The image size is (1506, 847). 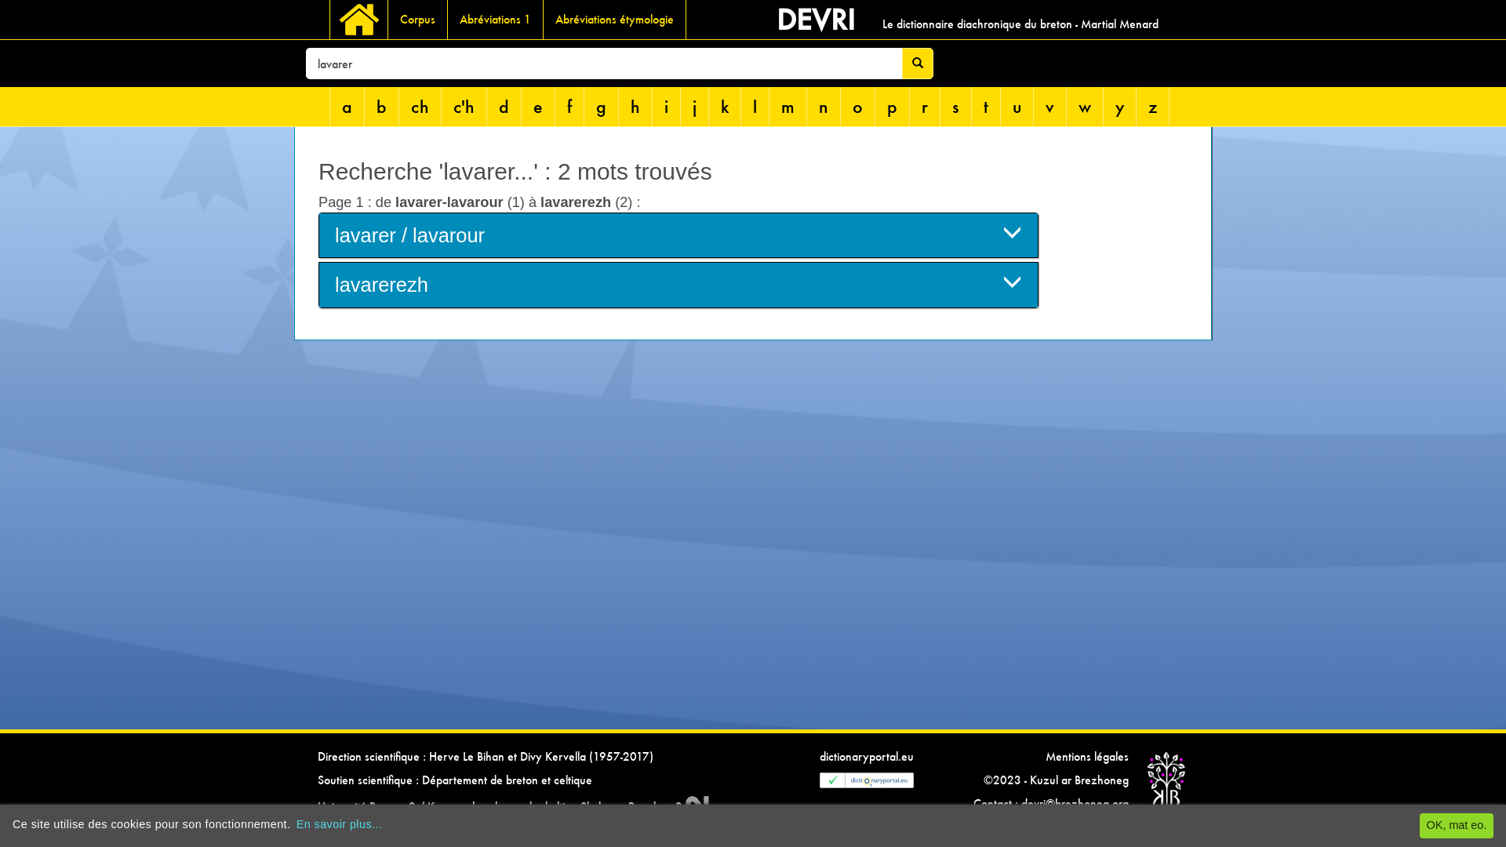 What do you see at coordinates (857, 106) in the screenshot?
I see `'o'` at bounding box center [857, 106].